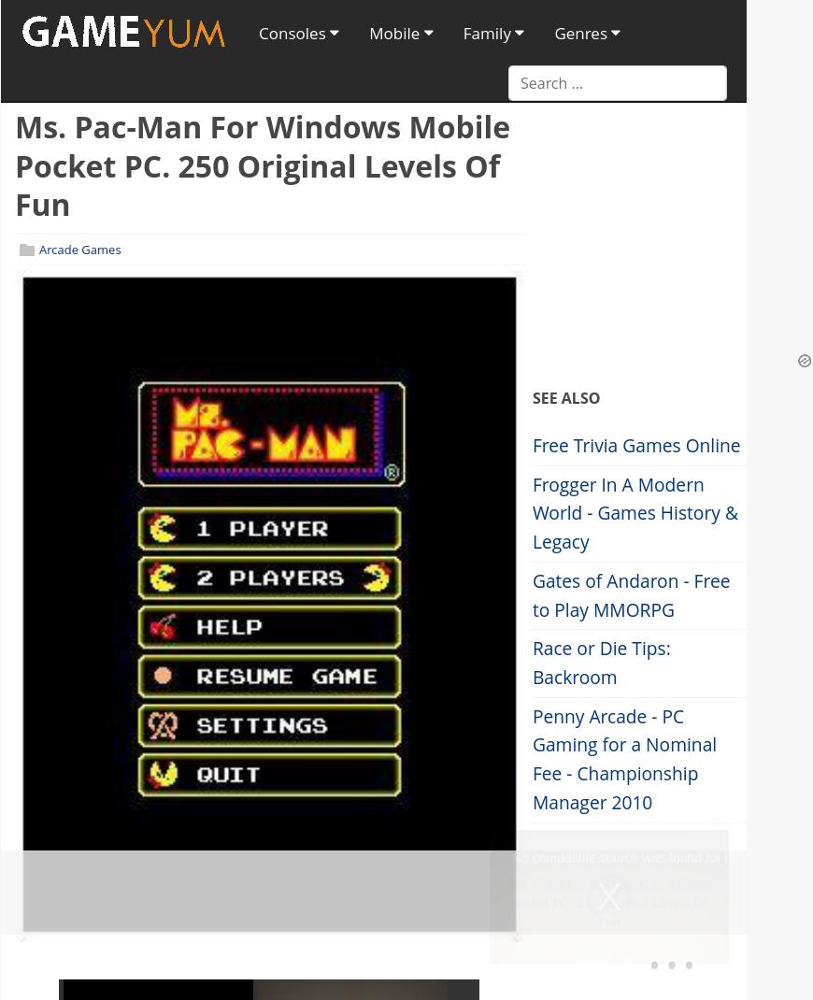  Describe the element at coordinates (530, 444) in the screenshot. I see `'Free Trivia Games Online'` at that location.